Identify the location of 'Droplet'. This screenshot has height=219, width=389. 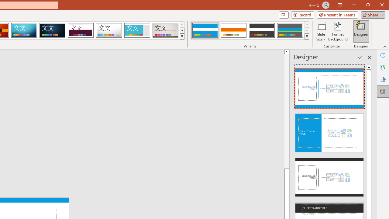
(109, 30).